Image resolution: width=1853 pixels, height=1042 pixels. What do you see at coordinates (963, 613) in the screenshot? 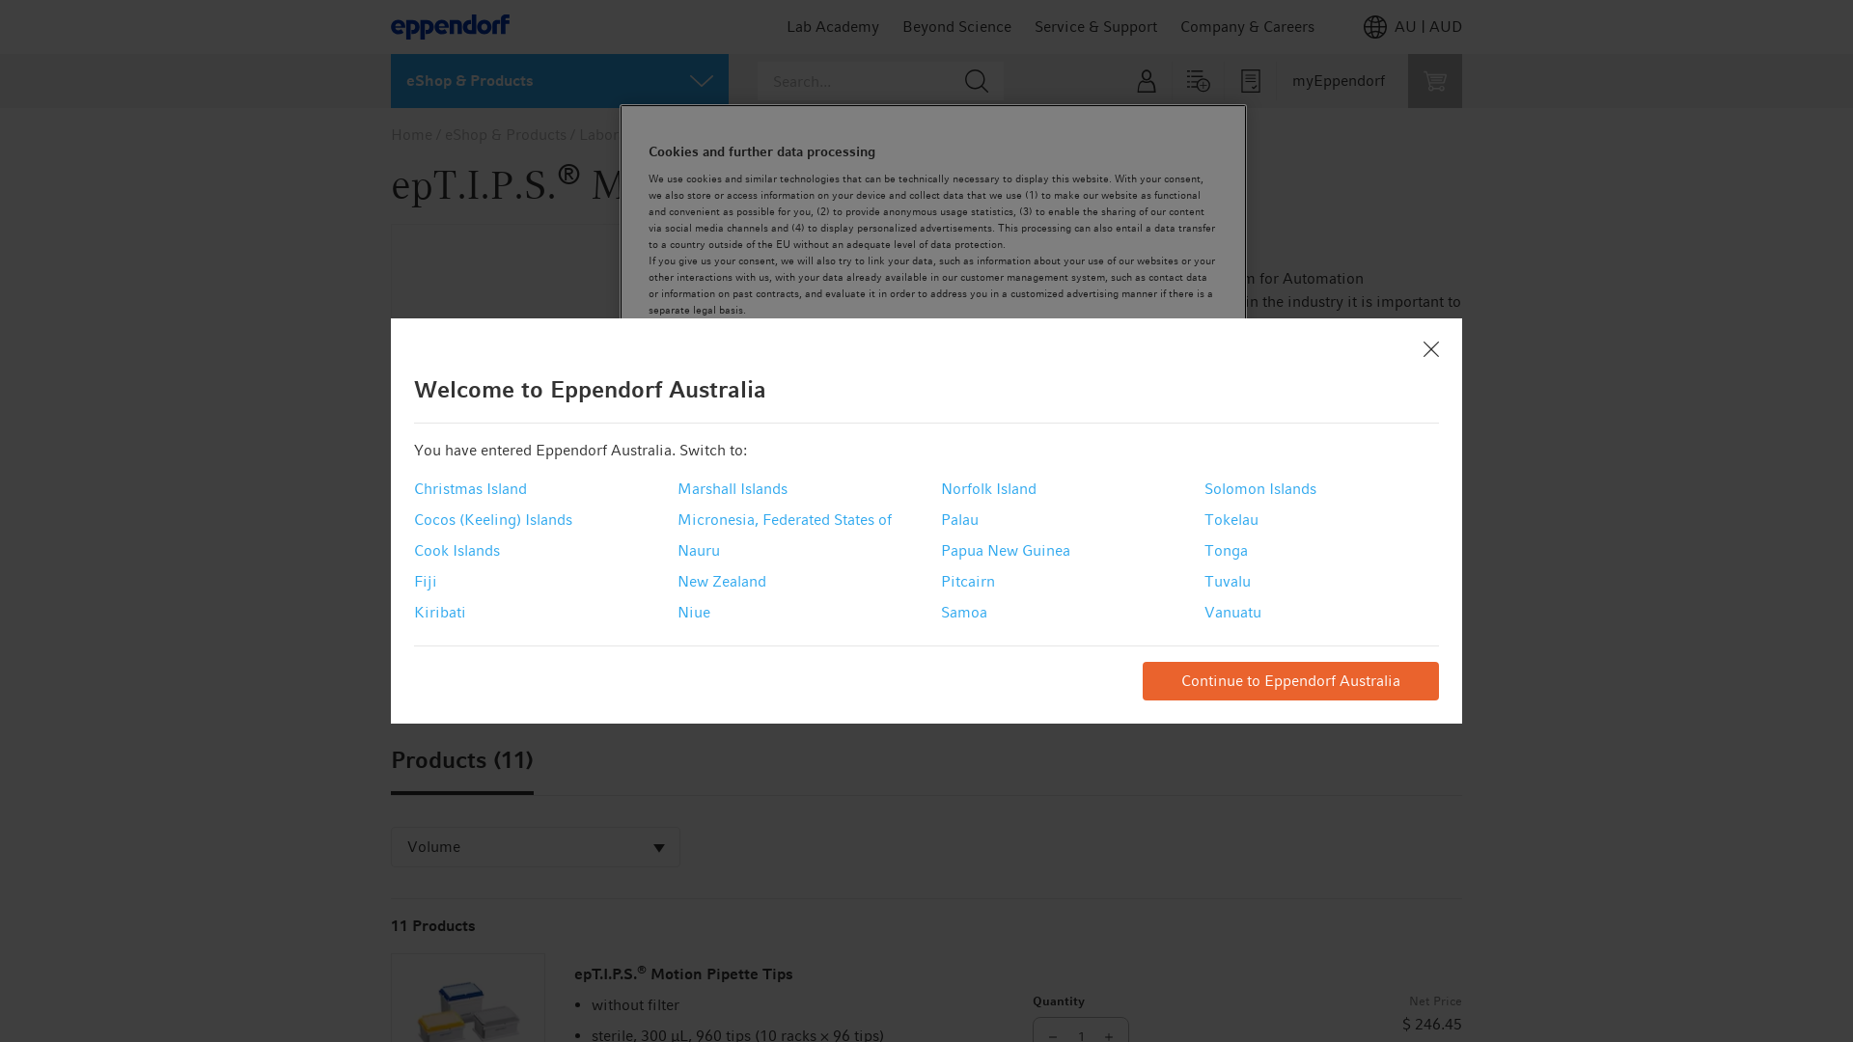
I see `'Samoa'` at bounding box center [963, 613].